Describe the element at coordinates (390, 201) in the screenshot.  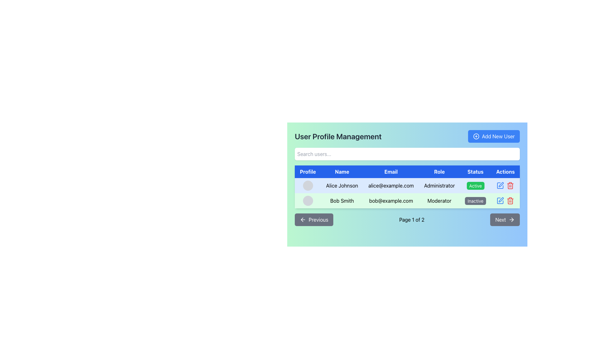
I see `the email display in the second row of the table under the 'Email' column` at that location.